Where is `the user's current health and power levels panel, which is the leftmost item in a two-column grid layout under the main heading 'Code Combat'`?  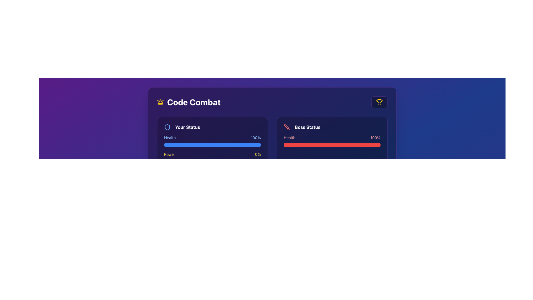 the user's current health and power levels panel, which is the leftmost item in a two-column grid layout under the main heading 'Code Combat' is located at coordinates (212, 143).